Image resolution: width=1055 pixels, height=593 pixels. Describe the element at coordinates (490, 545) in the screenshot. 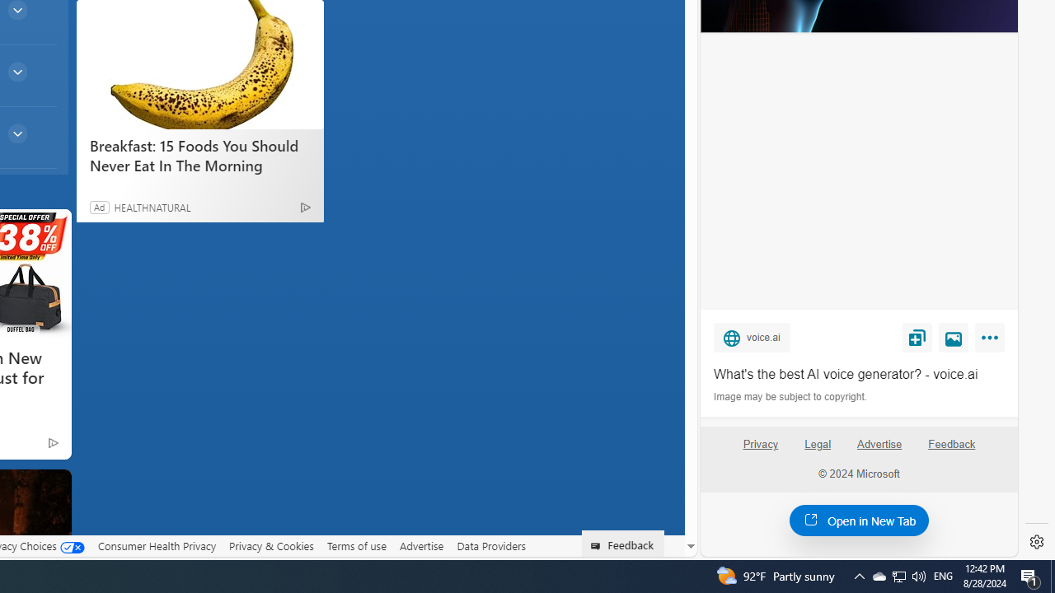

I see `'Data Providers'` at that location.